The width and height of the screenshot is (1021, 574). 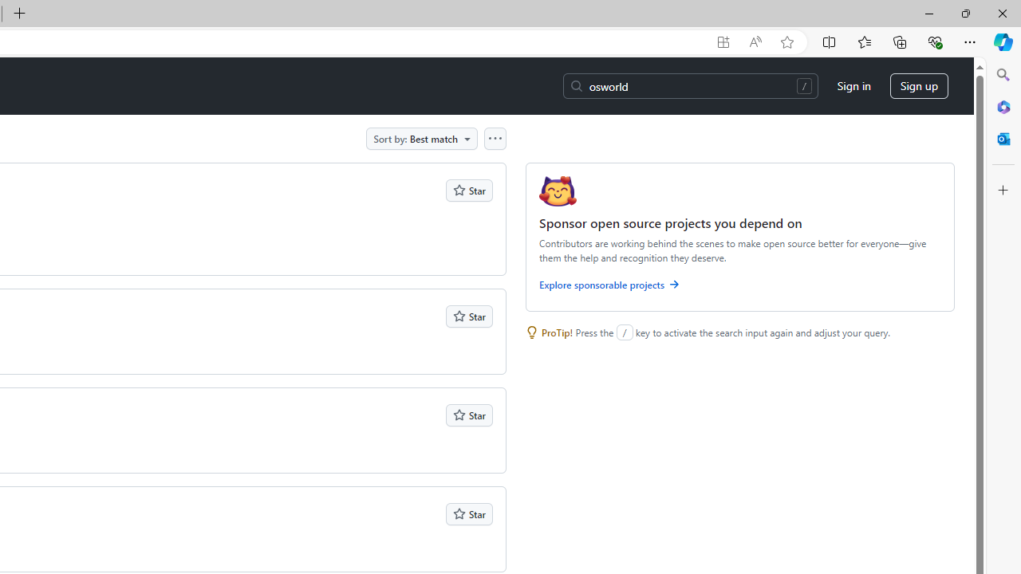 I want to click on 'Open column options', so click(x=494, y=137).